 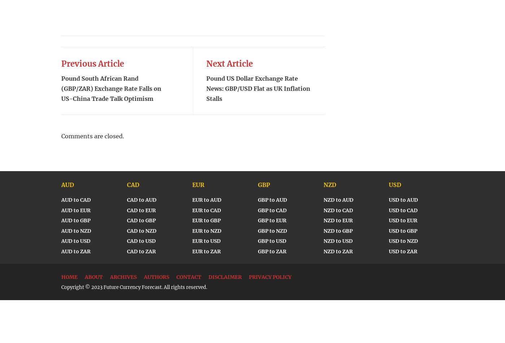 What do you see at coordinates (258, 251) in the screenshot?
I see `'GBP to ZAR'` at bounding box center [258, 251].